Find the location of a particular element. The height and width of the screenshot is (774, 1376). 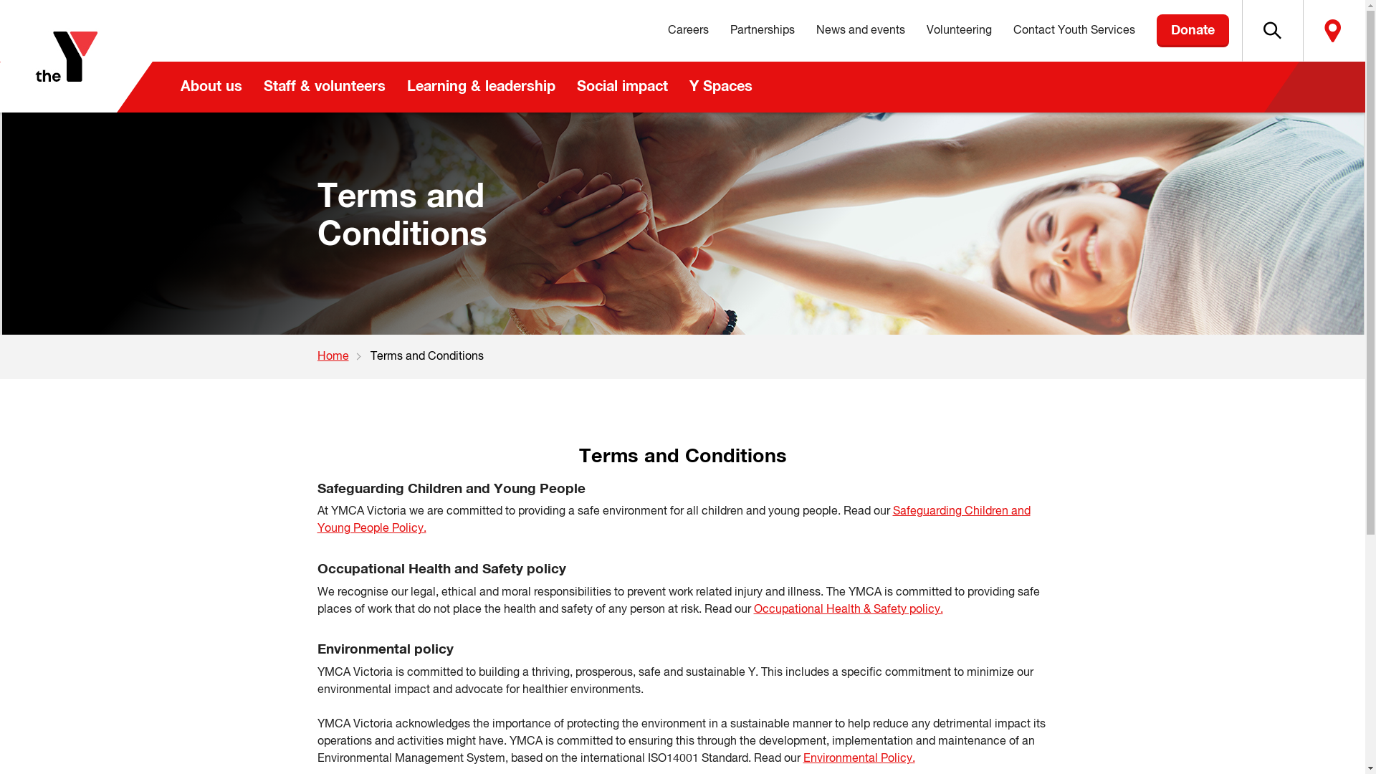

'Partnerships' is located at coordinates (762, 30).